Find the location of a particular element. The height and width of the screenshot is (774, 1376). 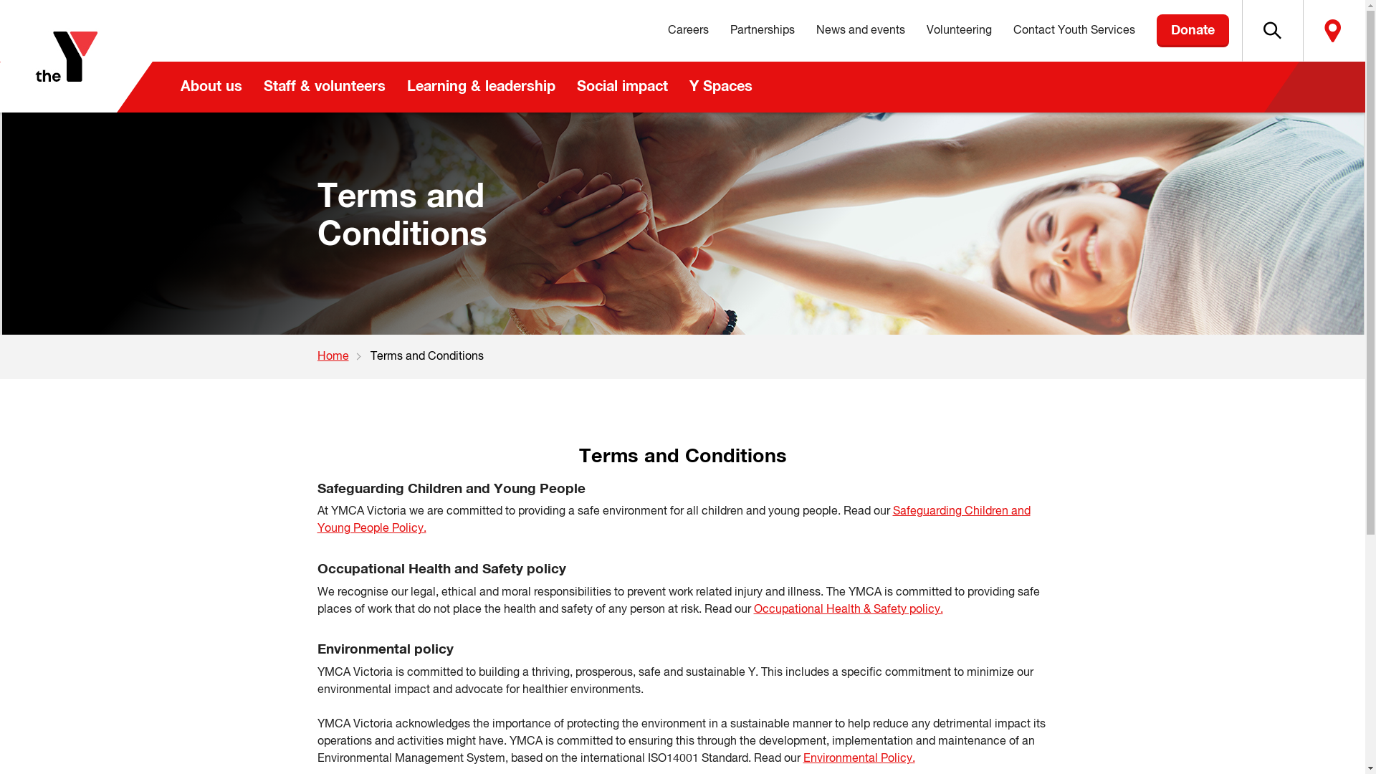

'Partnerships' is located at coordinates (762, 30).